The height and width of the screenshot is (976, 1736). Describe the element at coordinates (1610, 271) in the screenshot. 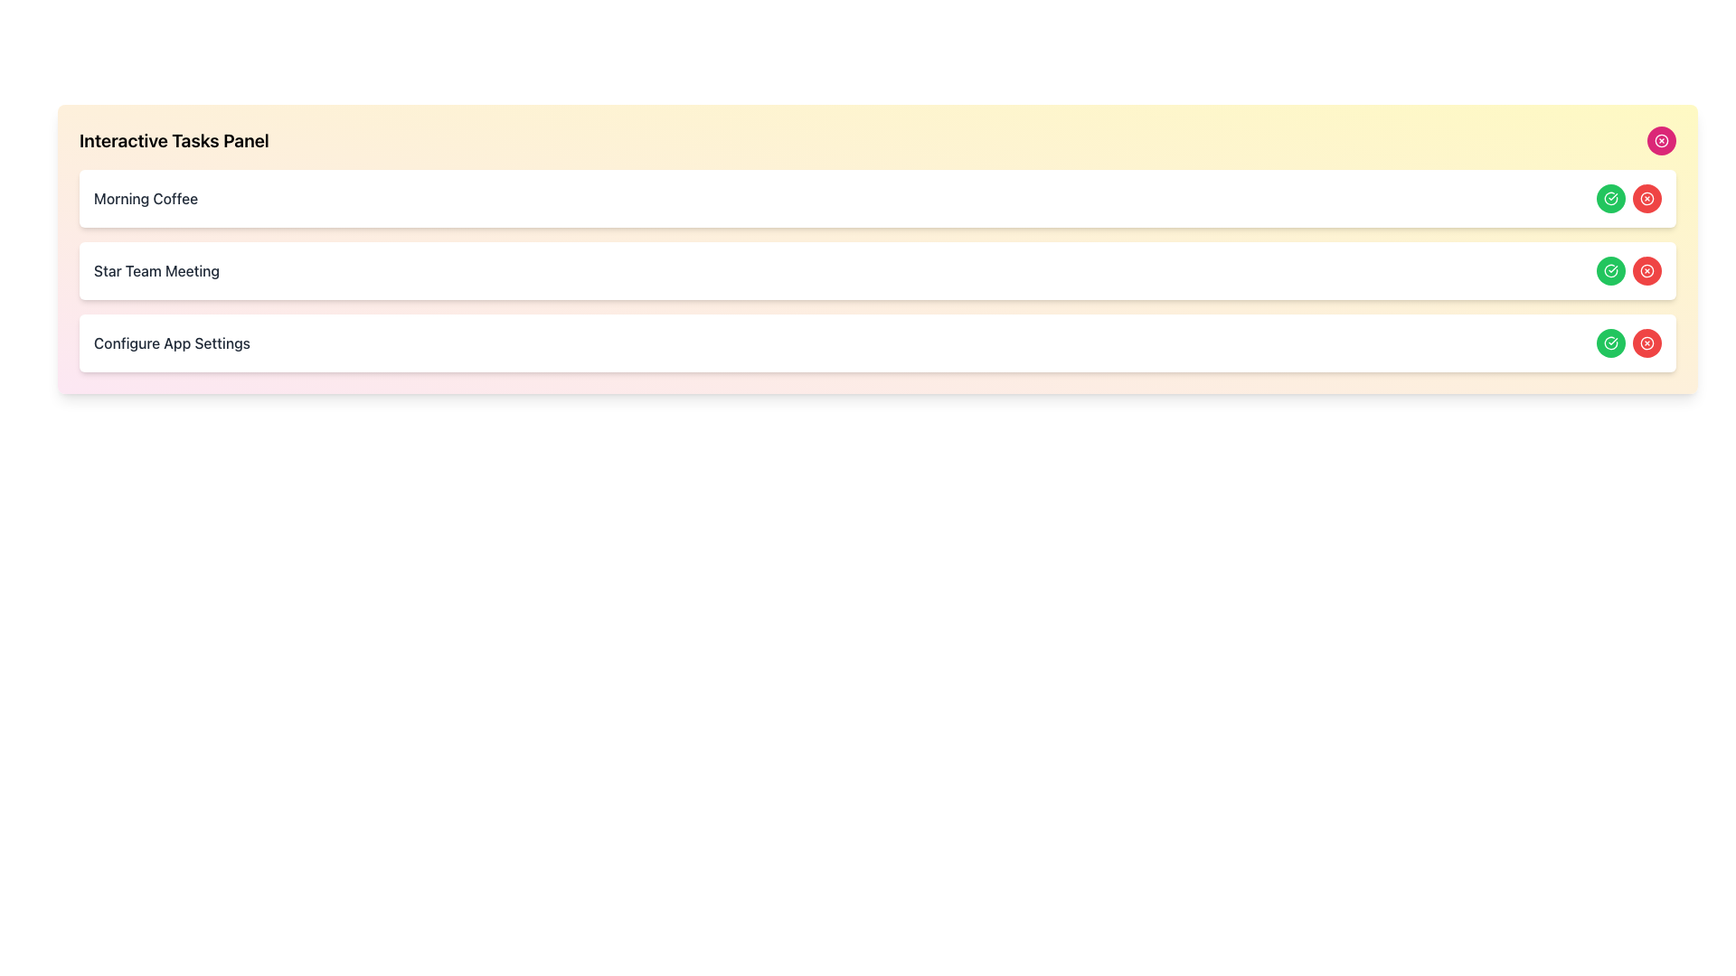

I see `the green confirmation button with a checkmark icon, located to the left of the red button in a horizontal group of two buttons` at that location.